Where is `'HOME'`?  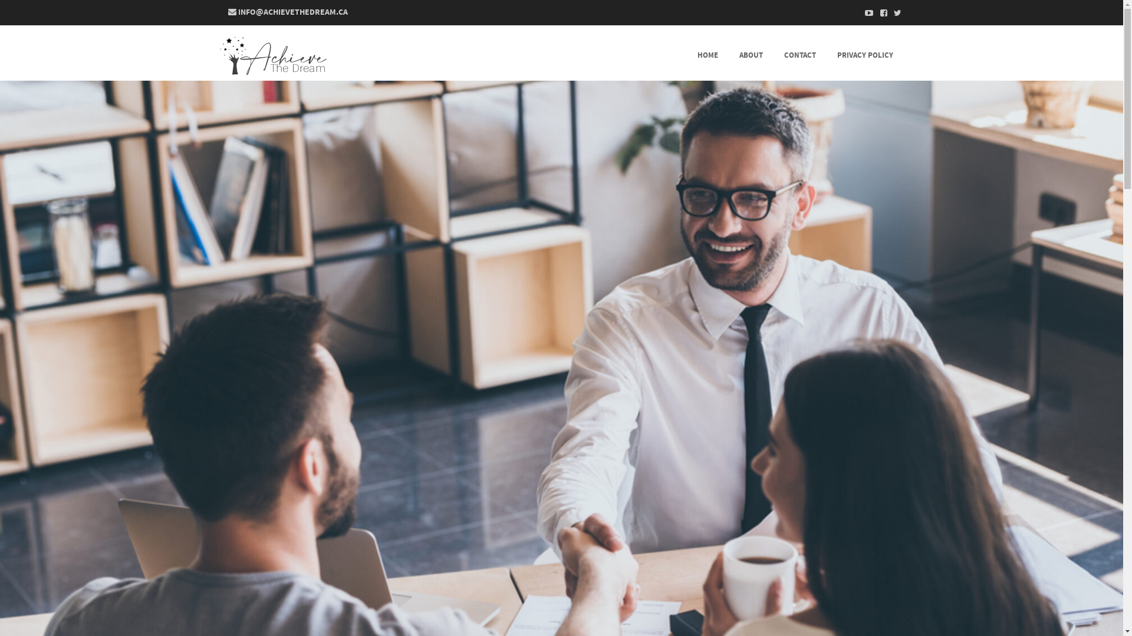 'HOME' is located at coordinates (686, 52).